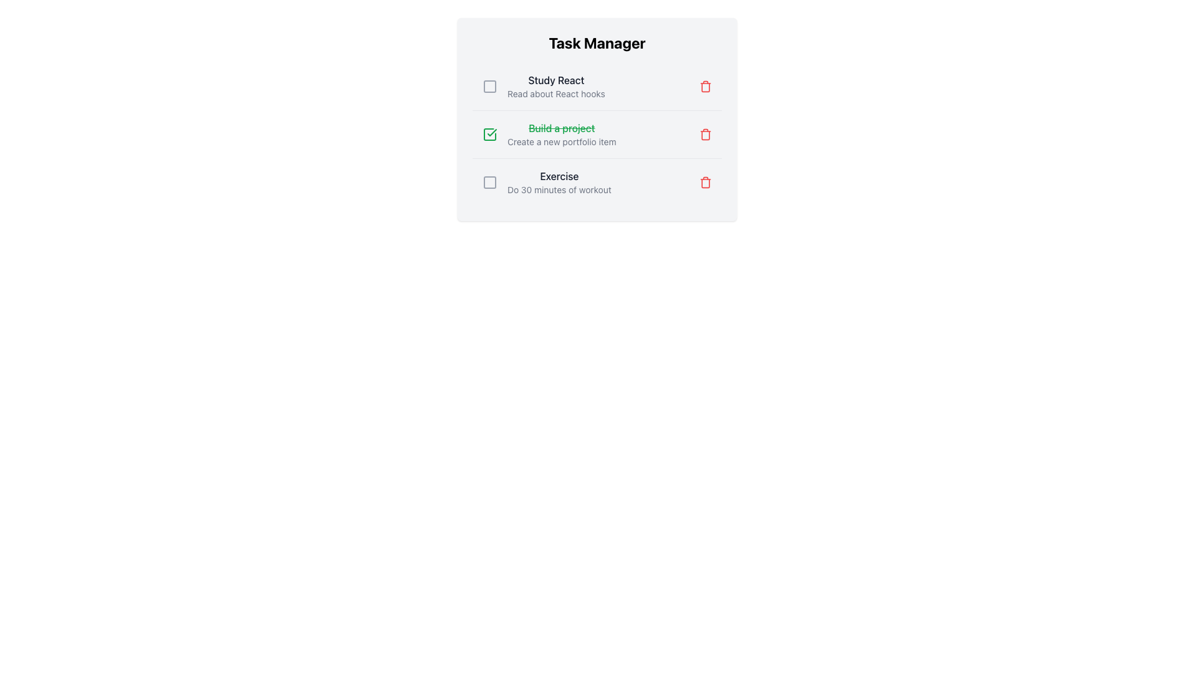 The width and height of the screenshot is (1197, 673). What do you see at coordinates (489, 135) in the screenshot?
I see `the SVG vector graphic icon representing task completion status next to 'Build a project' in the Task Manager checklist` at bounding box center [489, 135].